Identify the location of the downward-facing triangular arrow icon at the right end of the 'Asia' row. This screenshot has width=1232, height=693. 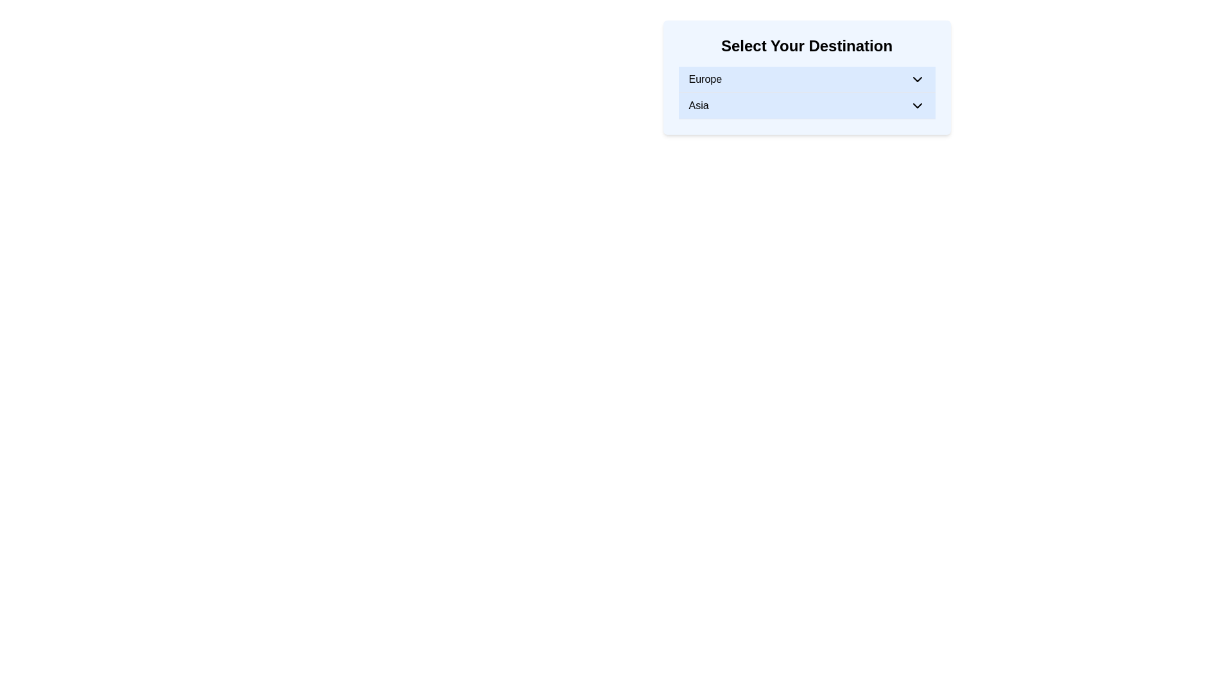
(916, 105).